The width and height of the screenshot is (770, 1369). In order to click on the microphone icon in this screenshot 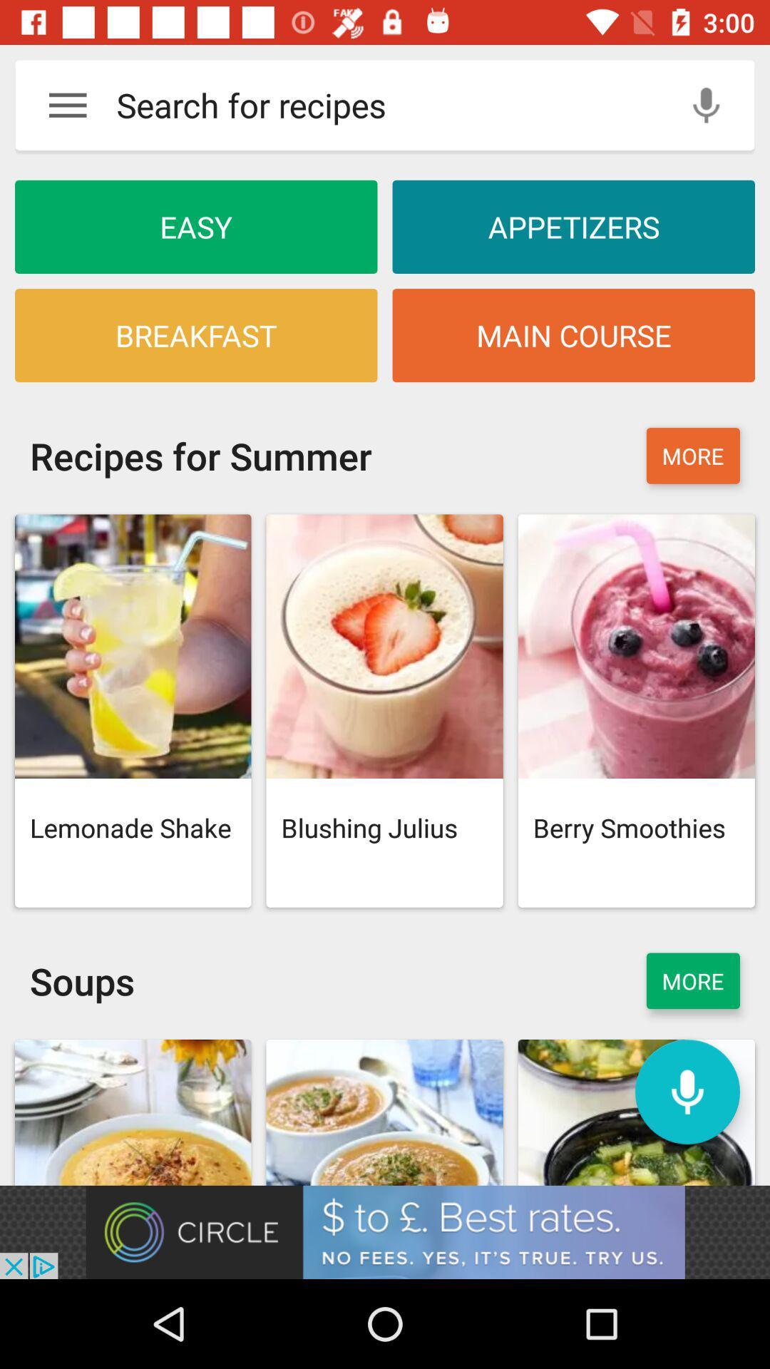, I will do `click(687, 1091)`.